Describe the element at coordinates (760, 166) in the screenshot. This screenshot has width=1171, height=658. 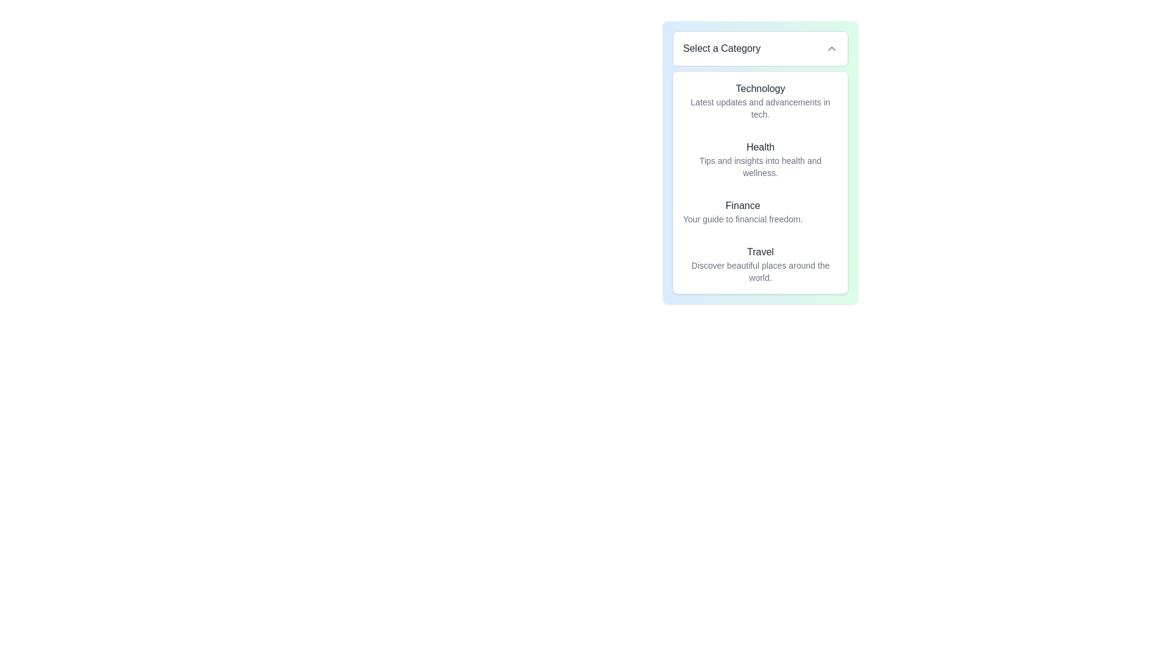
I see `the Text Label displaying 'Tips and insights into health and wellness.' which is located under the title 'Health'` at that location.